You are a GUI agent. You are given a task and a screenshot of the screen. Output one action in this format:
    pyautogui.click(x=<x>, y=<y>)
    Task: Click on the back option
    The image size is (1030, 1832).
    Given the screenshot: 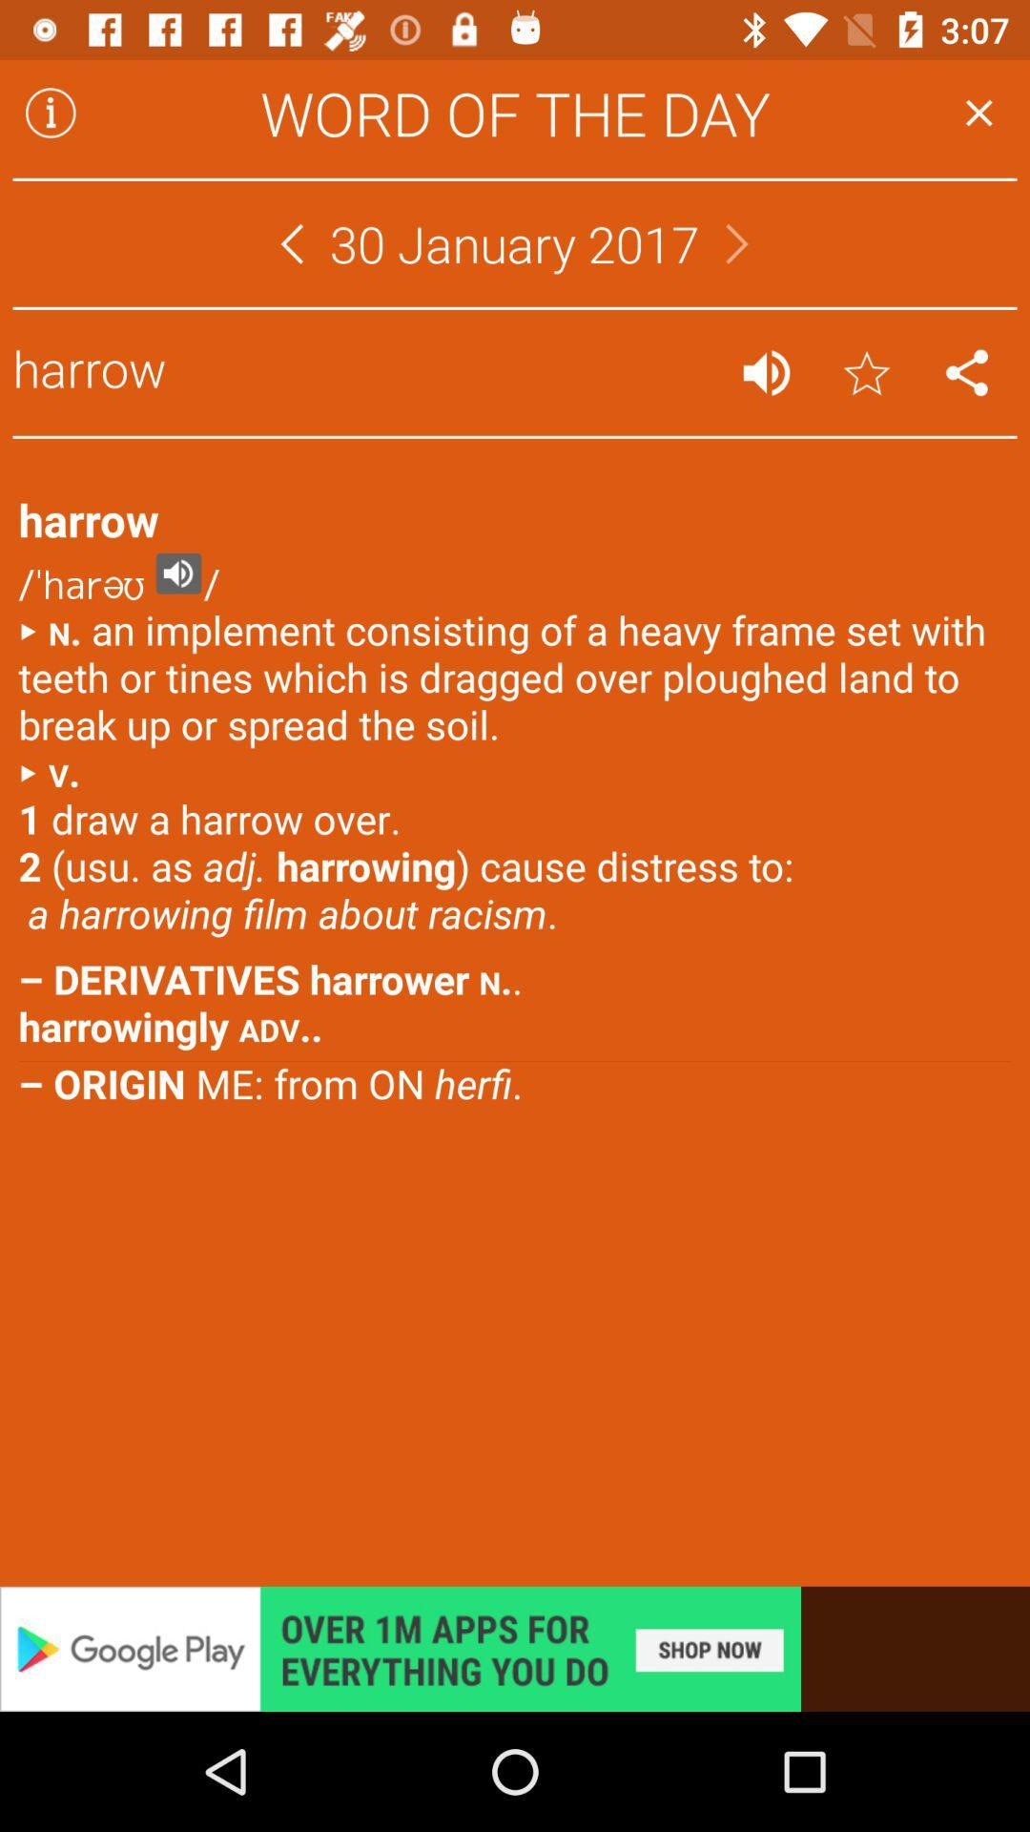 What is the action you would take?
    pyautogui.click(x=291, y=242)
    